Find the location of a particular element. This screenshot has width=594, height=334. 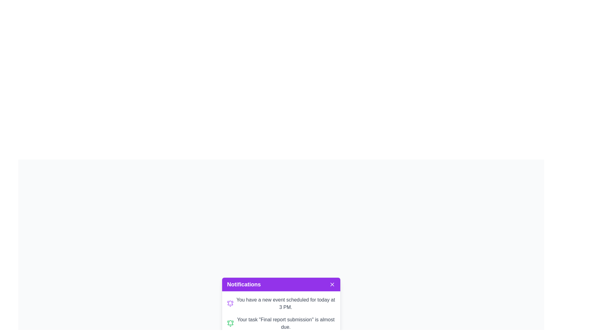

the Close button icon, which resembles a white cross mark (X) located in the top-right corner of a purple notification header is located at coordinates (332, 284).